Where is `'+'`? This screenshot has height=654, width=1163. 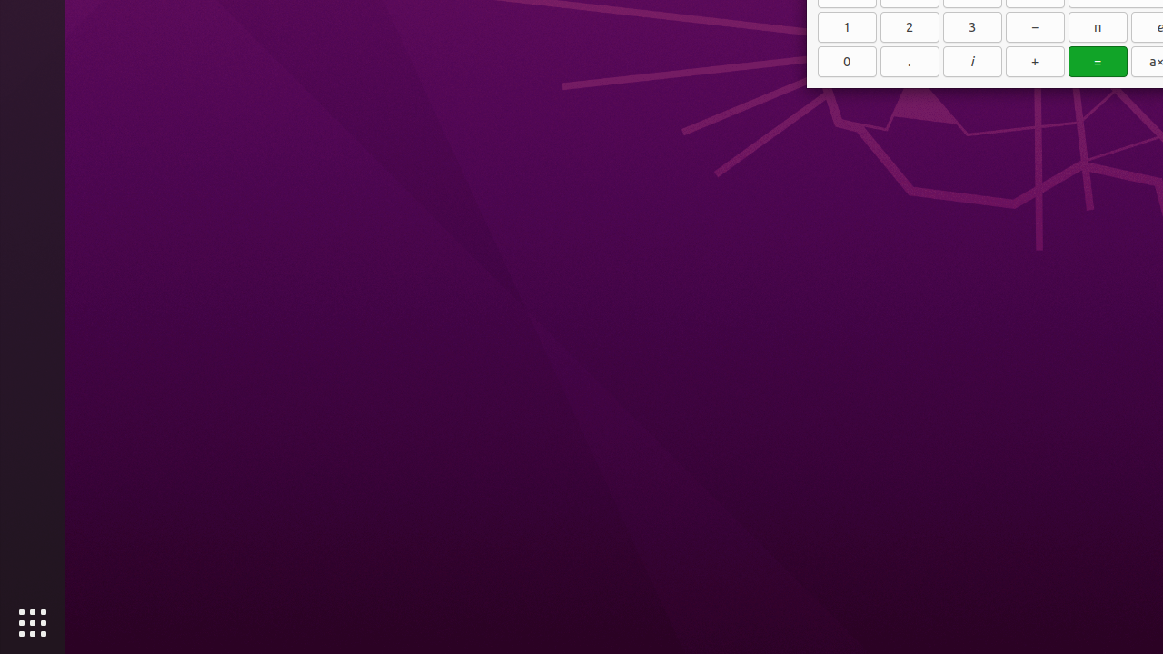 '+' is located at coordinates (1035, 60).